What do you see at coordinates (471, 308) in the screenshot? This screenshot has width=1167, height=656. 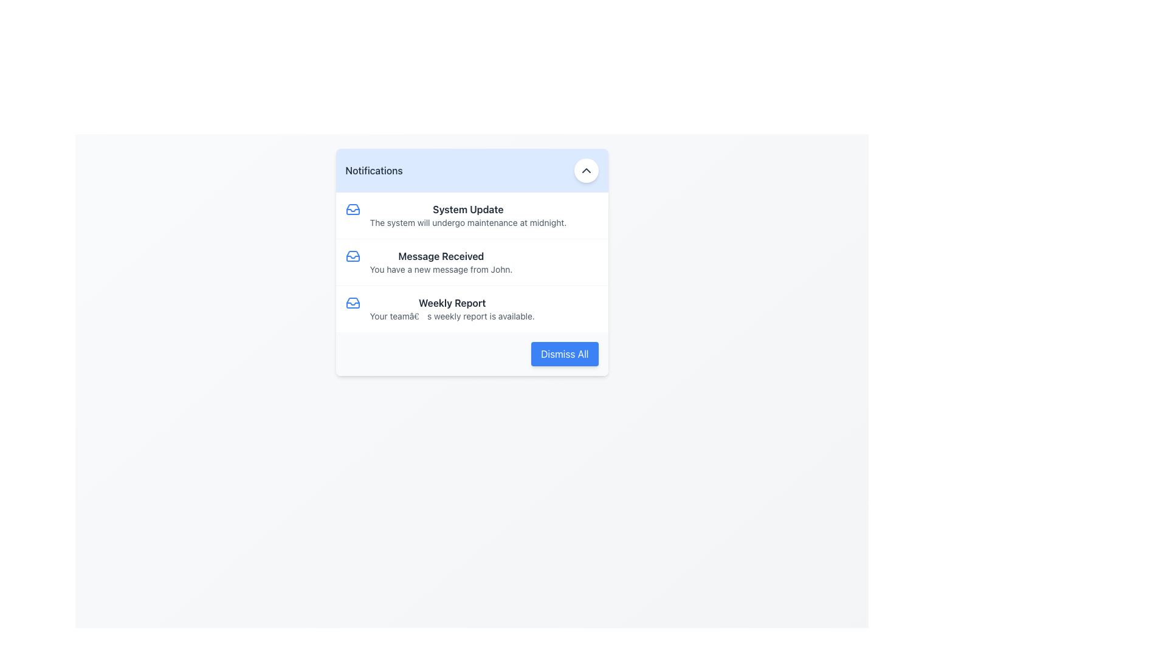 I see `the third notification item in the vertical notification list, which has a bold header 'Weekly Report' and a smaller description 'Your team's weekly report is available.'` at bounding box center [471, 308].